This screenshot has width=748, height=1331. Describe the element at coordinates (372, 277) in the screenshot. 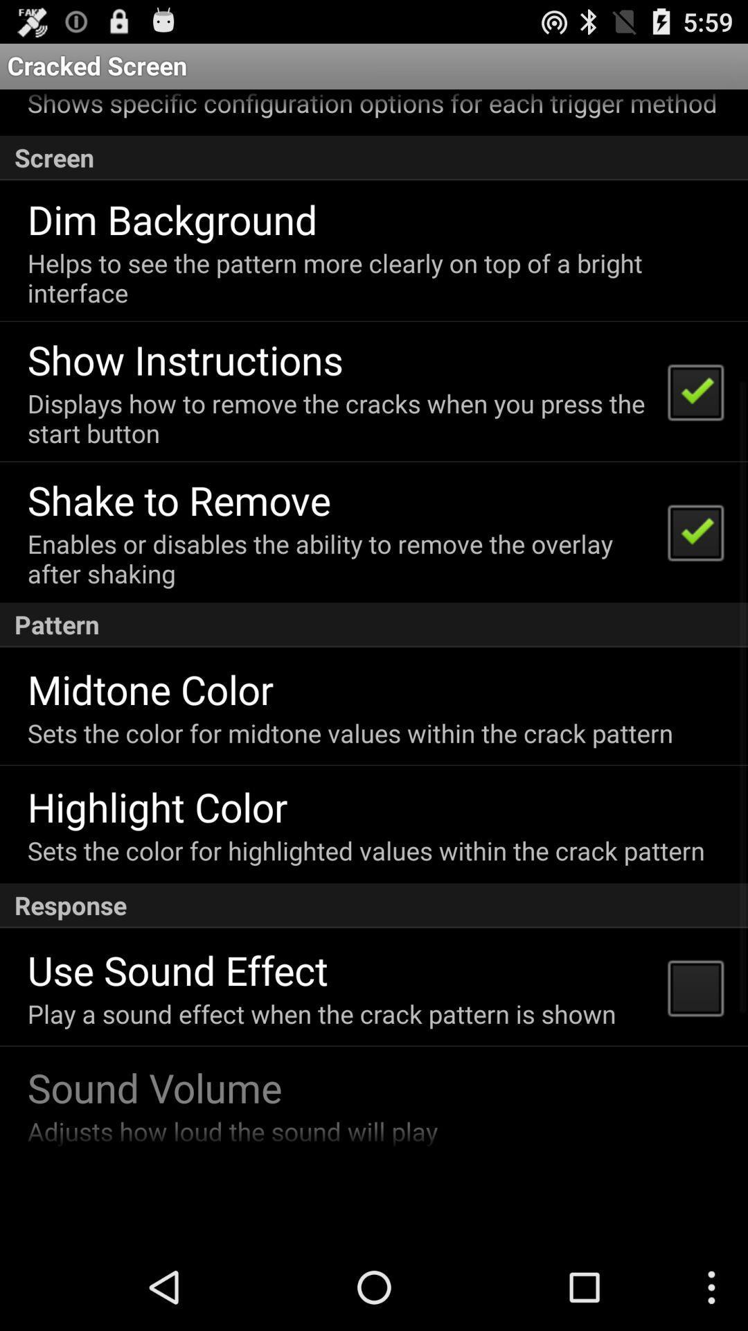

I see `item above show instructions` at that location.